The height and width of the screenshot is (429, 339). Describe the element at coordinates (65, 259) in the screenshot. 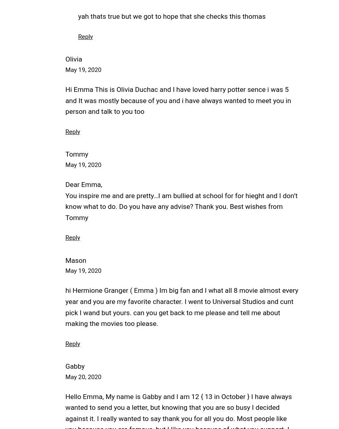

I see `'Mason'` at that location.